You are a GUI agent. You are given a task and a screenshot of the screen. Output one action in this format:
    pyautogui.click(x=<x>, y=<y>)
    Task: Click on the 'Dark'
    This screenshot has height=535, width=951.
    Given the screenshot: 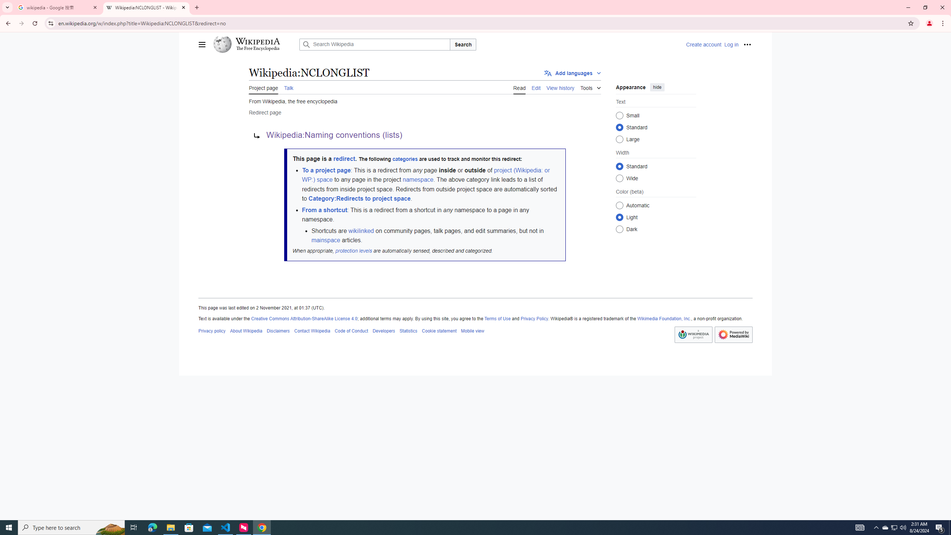 What is the action you would take?
    pyautogui.click(x=619, y=229)
    